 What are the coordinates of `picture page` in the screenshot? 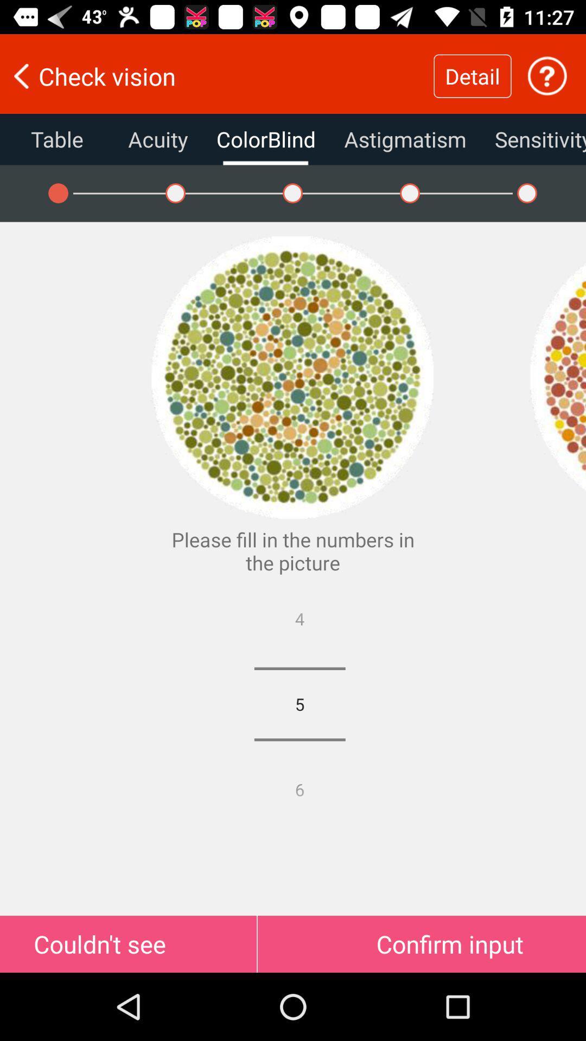 It's located at (547, 75).